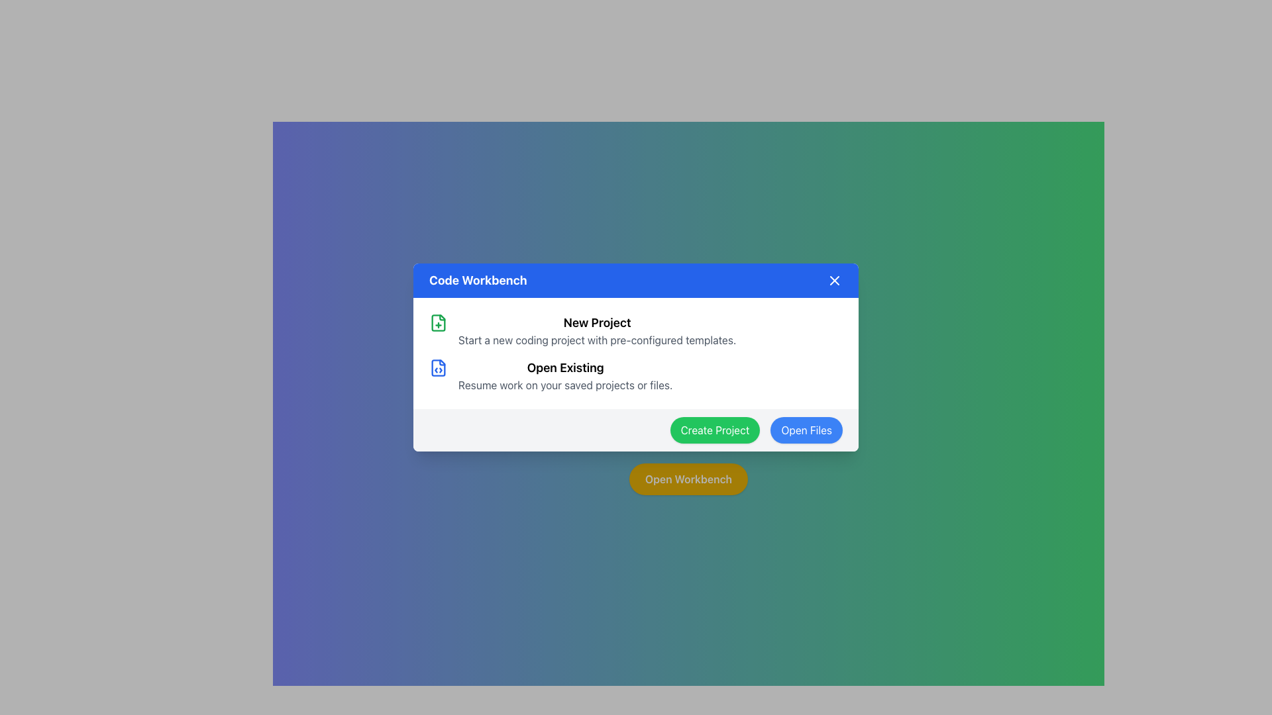 This screenshot has height=715, width=1272. Describe the element at coordinates (439, 323) in the screenshot. I see `the file outline icon representing the 'New Project' functionality located at the top-left region of the 'Code Workbench' dialog box` at that location.